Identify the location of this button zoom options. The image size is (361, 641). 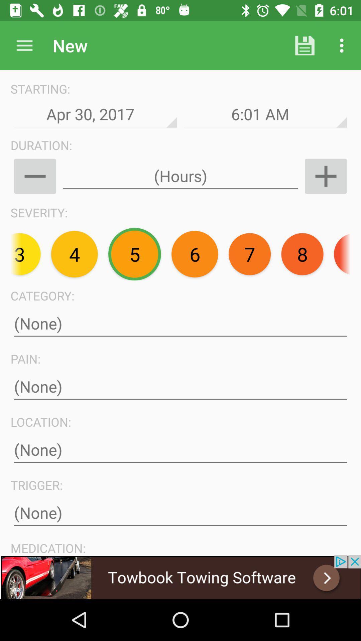
(326, 176).